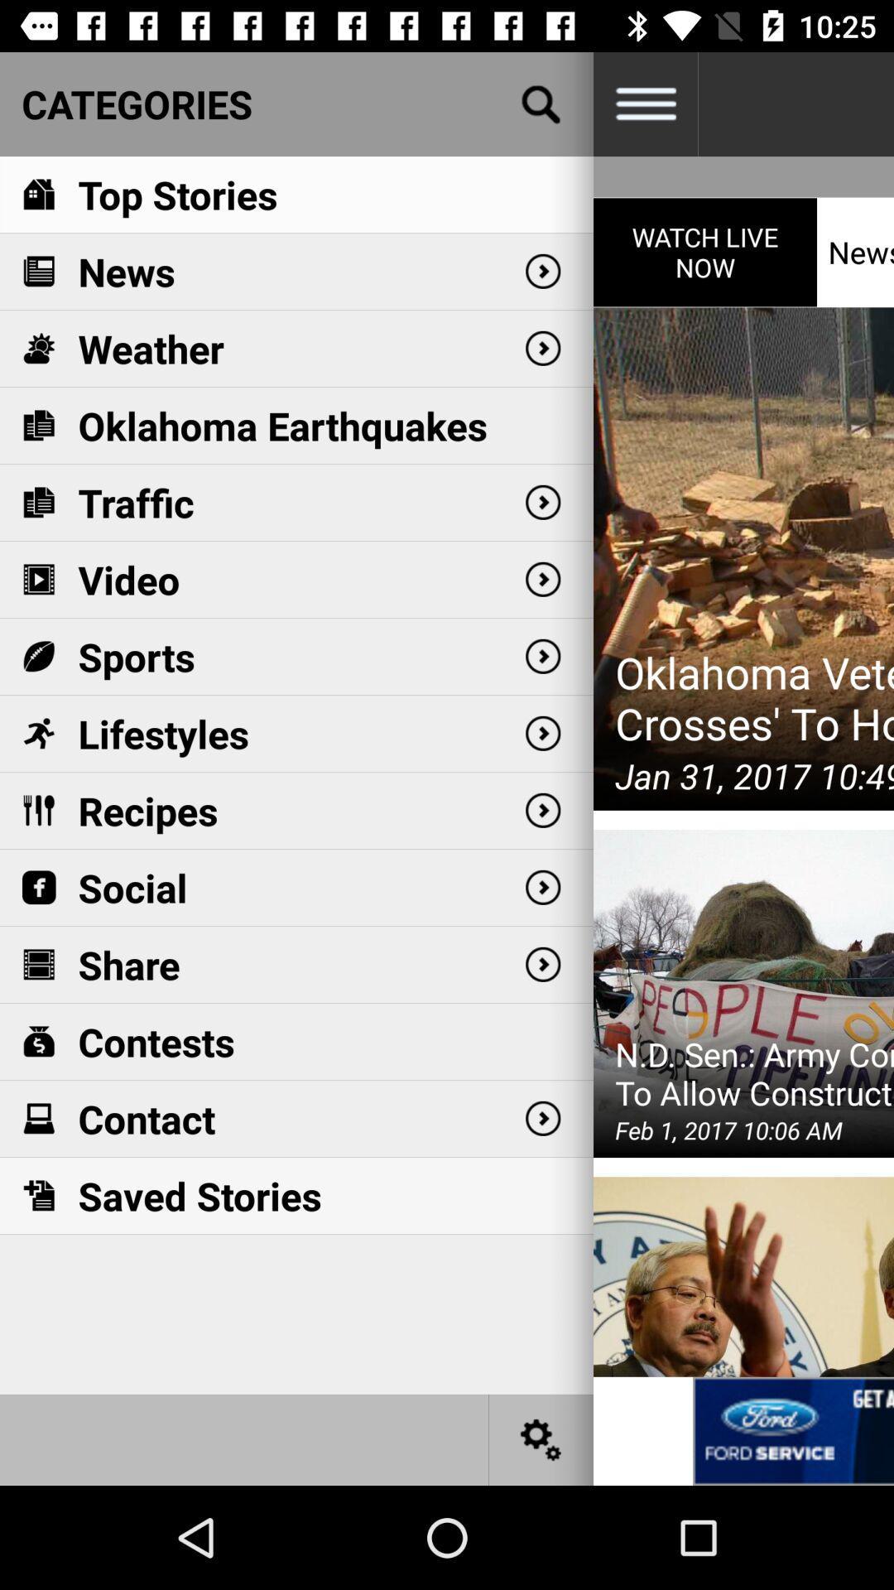 This screenshot has width=894, height=1590. I want to click on the image for more information tab to open the article, so click(792, 1430).